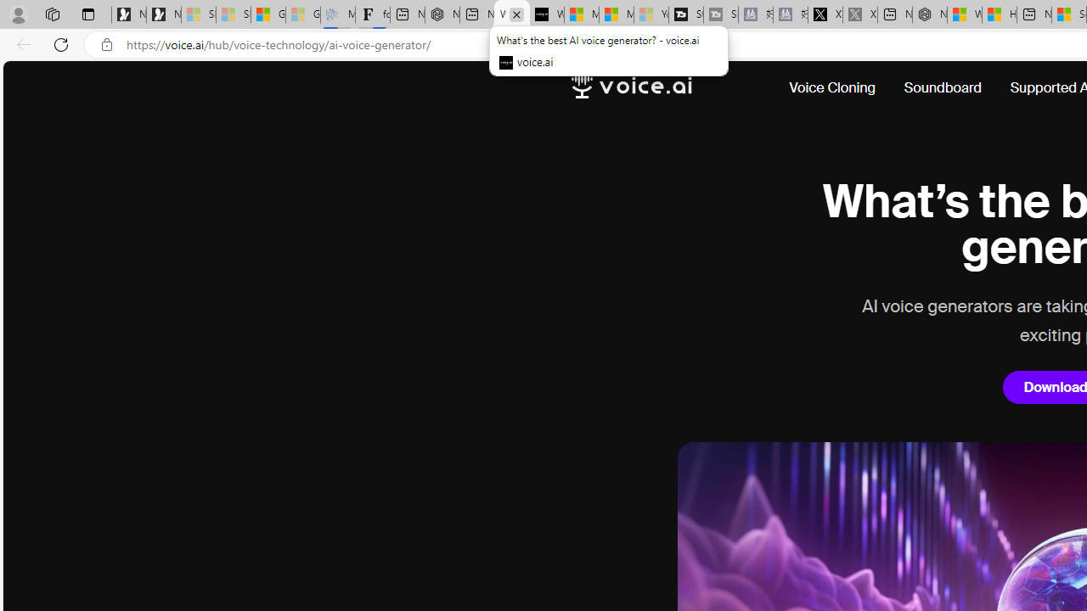  What do you see at coordinates (941, 88) in the screenshot?
I see `'Soundboard'` at bounding box center [941, 88].